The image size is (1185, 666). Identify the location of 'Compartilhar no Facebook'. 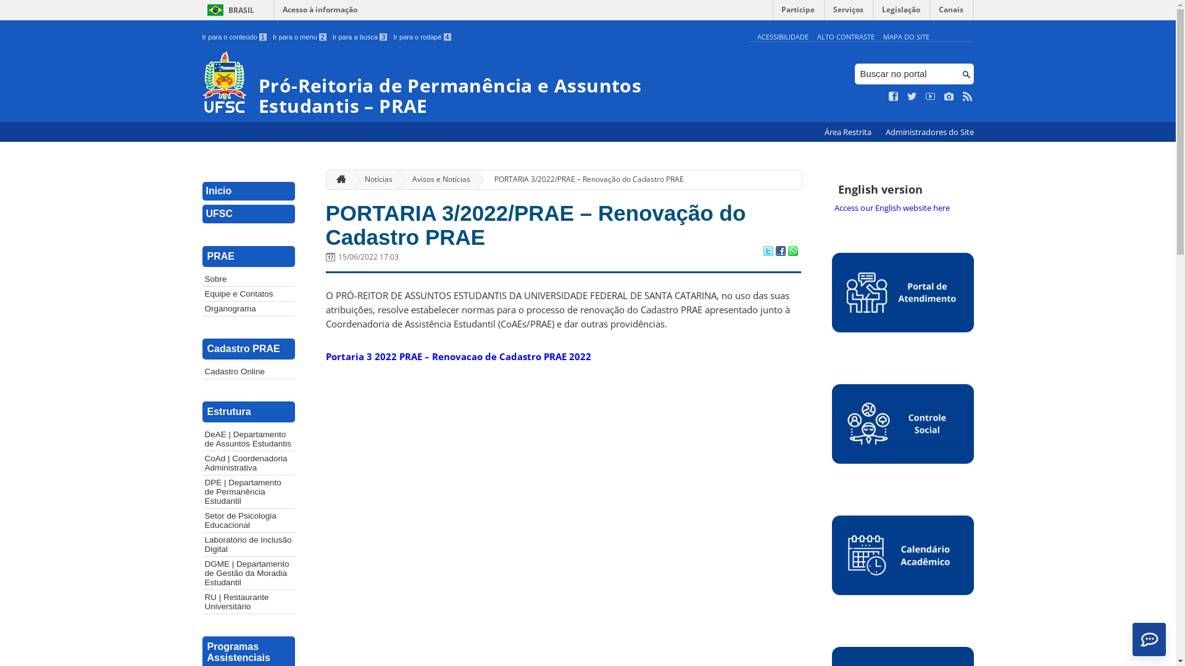
(775, 251).